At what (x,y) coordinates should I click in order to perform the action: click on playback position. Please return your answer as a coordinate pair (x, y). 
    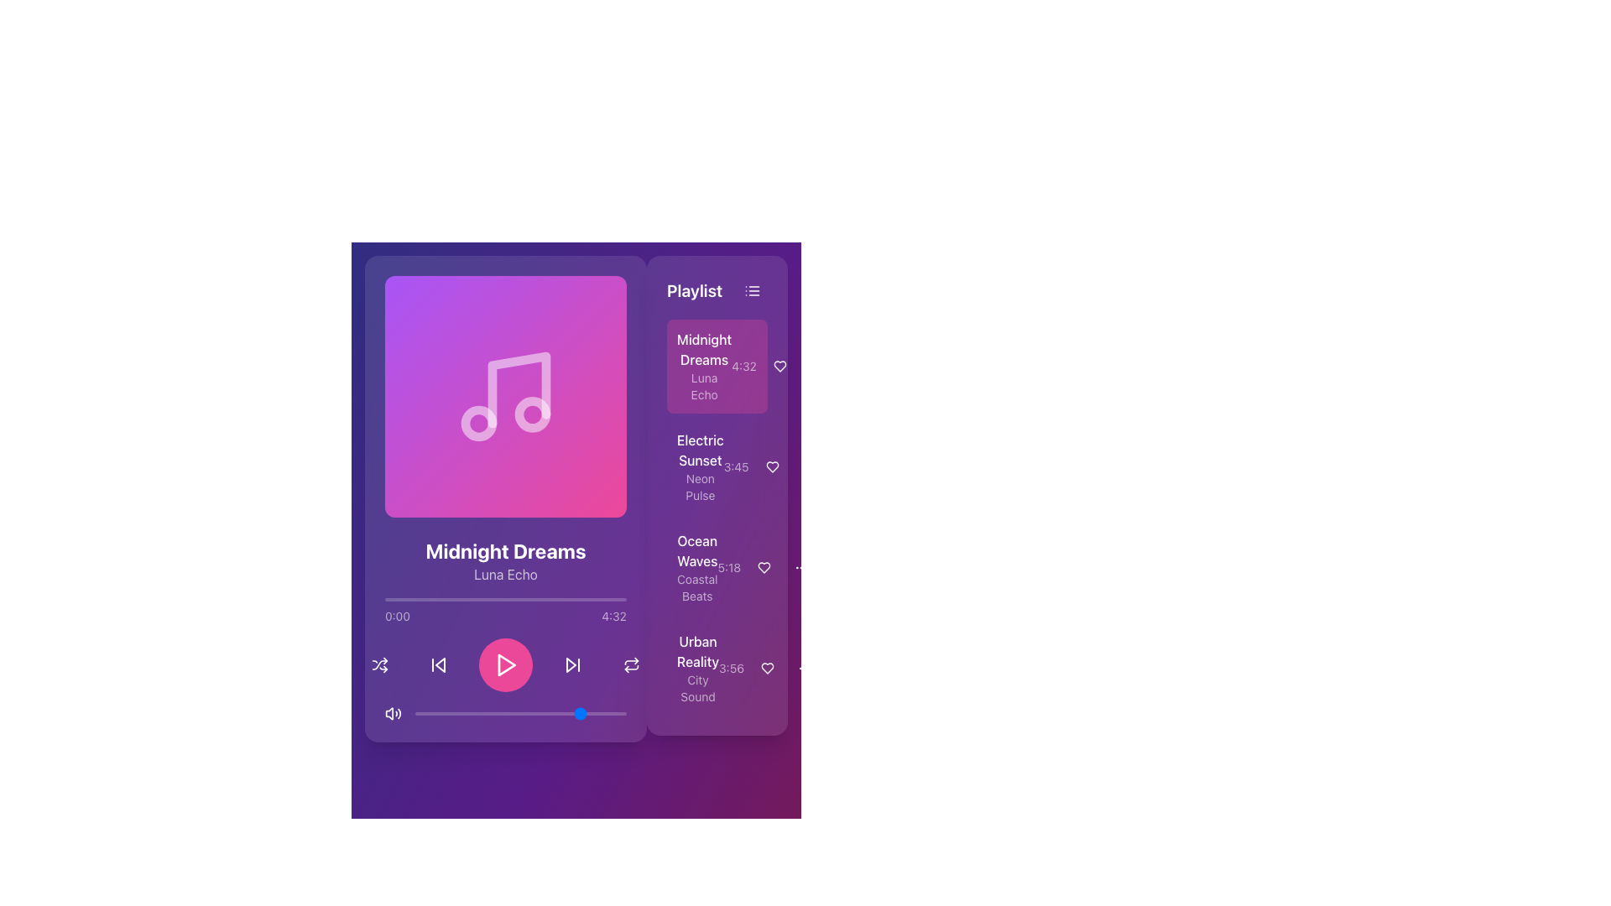
    Looking at the image, I should click on (388, 598).